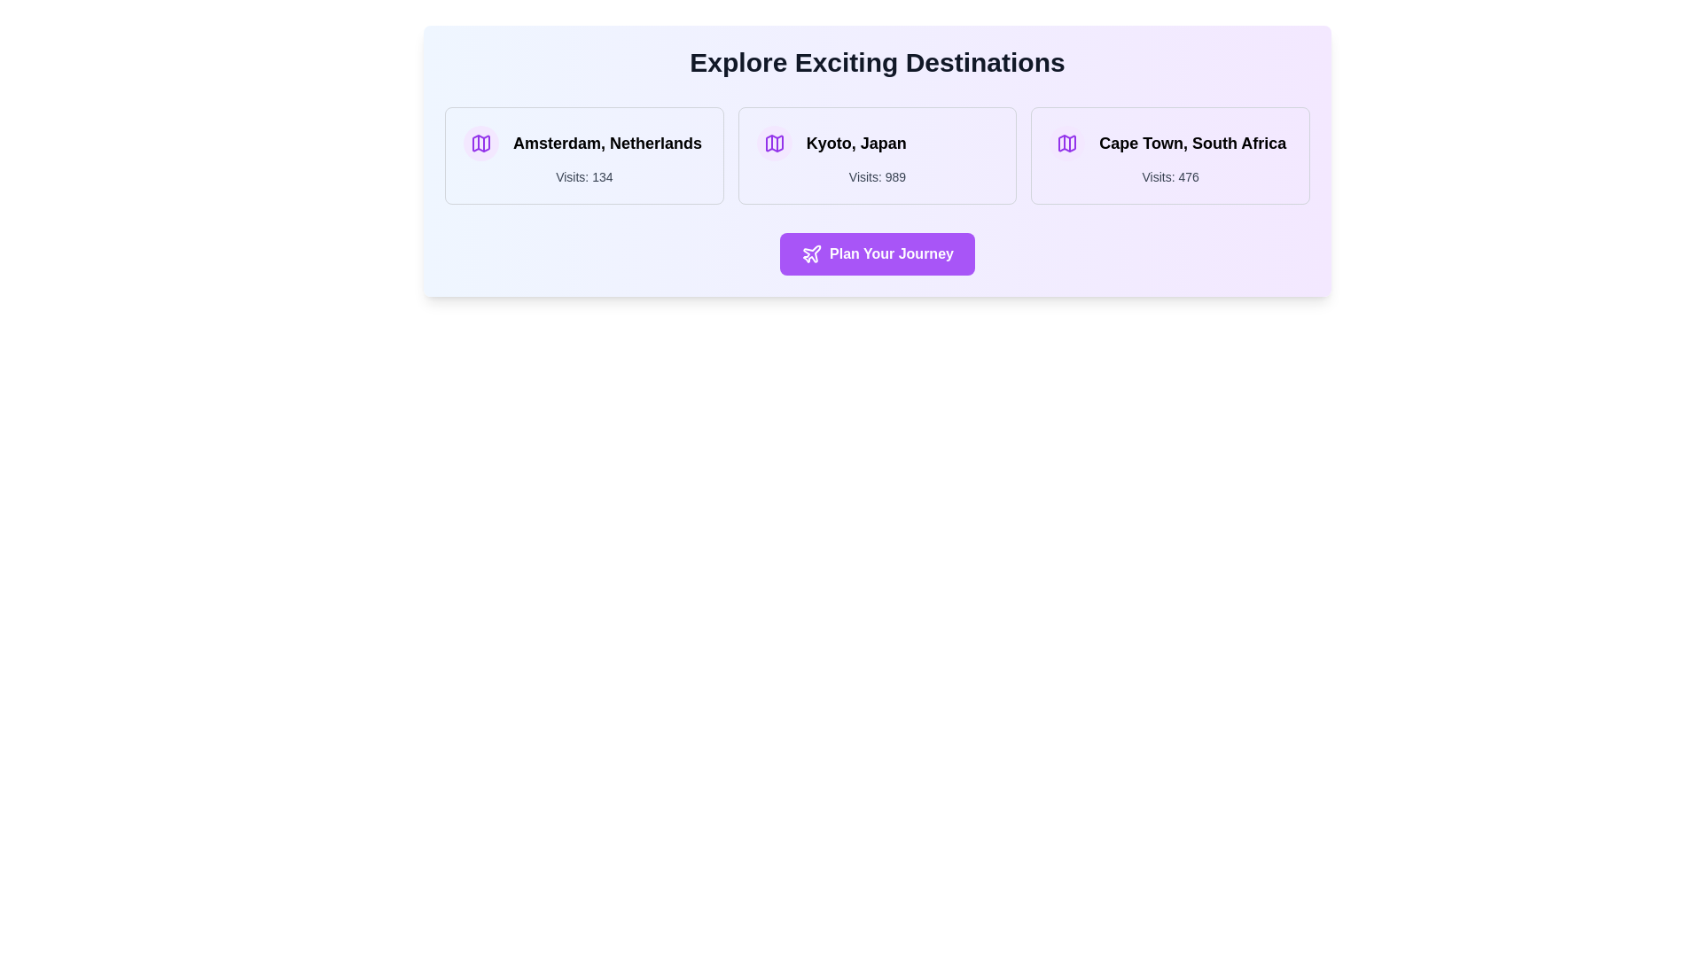 The width and height of the screenshot is (1702, 957). Describe the element at coordinates (877, 253) in the screenshot. I see `'Plan Your Journey' button` at that location.